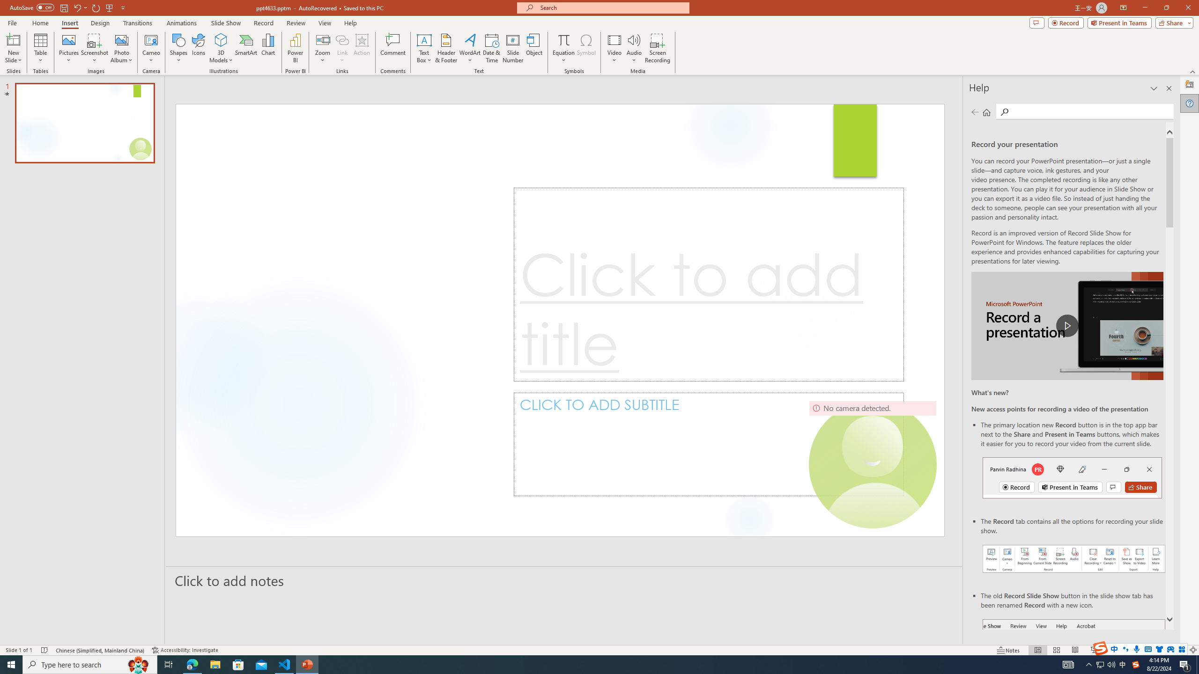 This screenshot has height=674, width=1199. What do you see at coordinates (974, 111) in the screenshot?
I see `'Previous page'` at bounding box center [974, 111].